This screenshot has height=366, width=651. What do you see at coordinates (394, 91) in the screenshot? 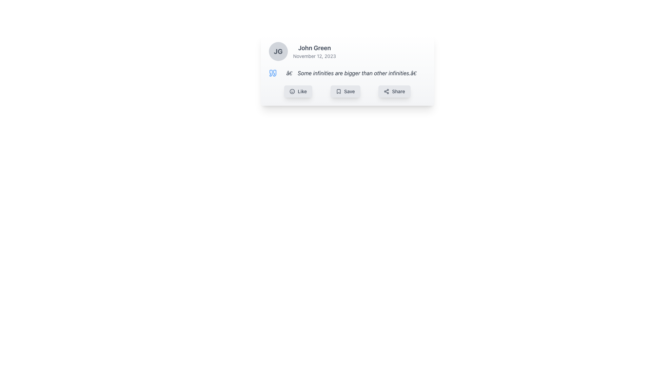
I see `the 'Share' button, which is the third button` at bounding box center [394, 91].